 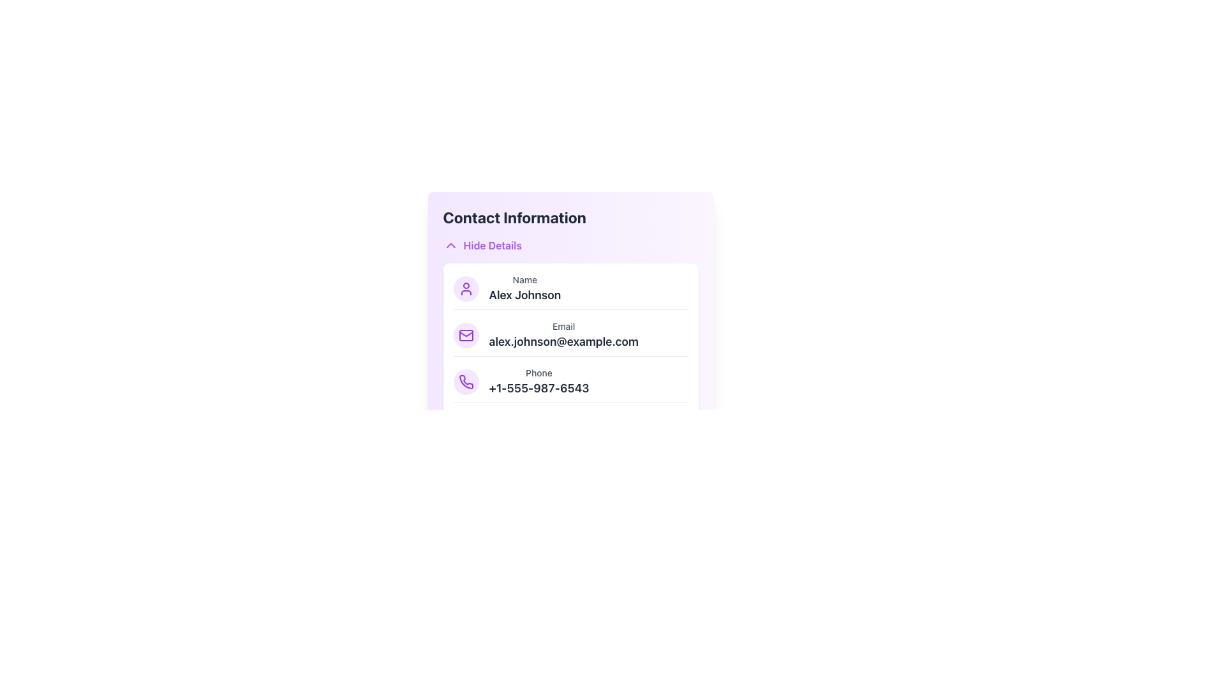 I want to click on the non-interactive text display block showing the contact name 'Alex Johnson', which is labeled 'Name' and is located to the right of a circular purple user icon, so click(x=524, y=288).